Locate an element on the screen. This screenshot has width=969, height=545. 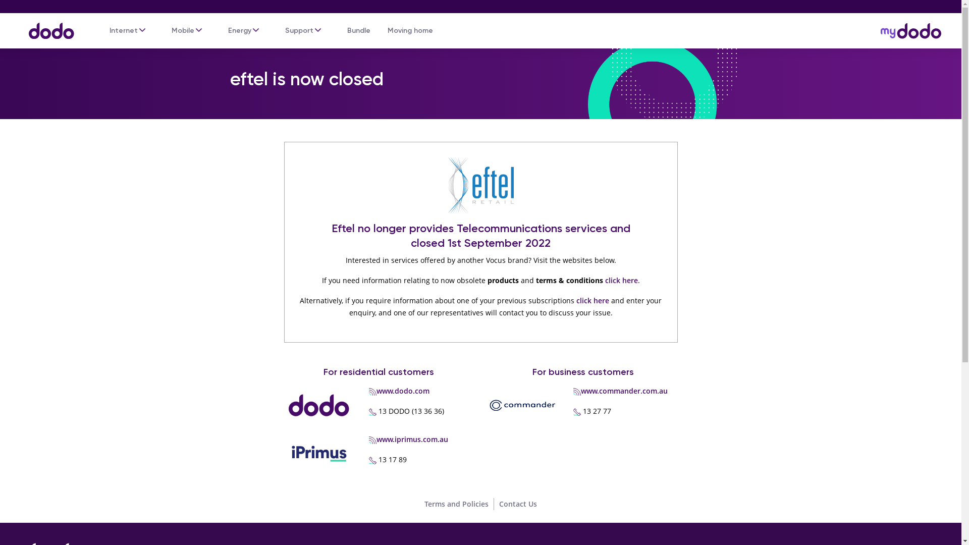
'Terms and Policies' is located at coordinates (424, 504).